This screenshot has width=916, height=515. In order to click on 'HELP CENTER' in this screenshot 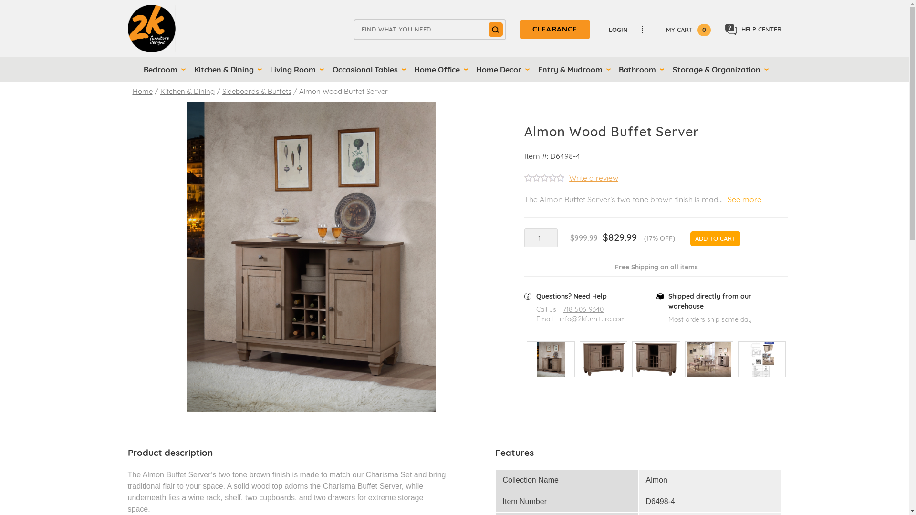, I will do `click(753, 29)`.